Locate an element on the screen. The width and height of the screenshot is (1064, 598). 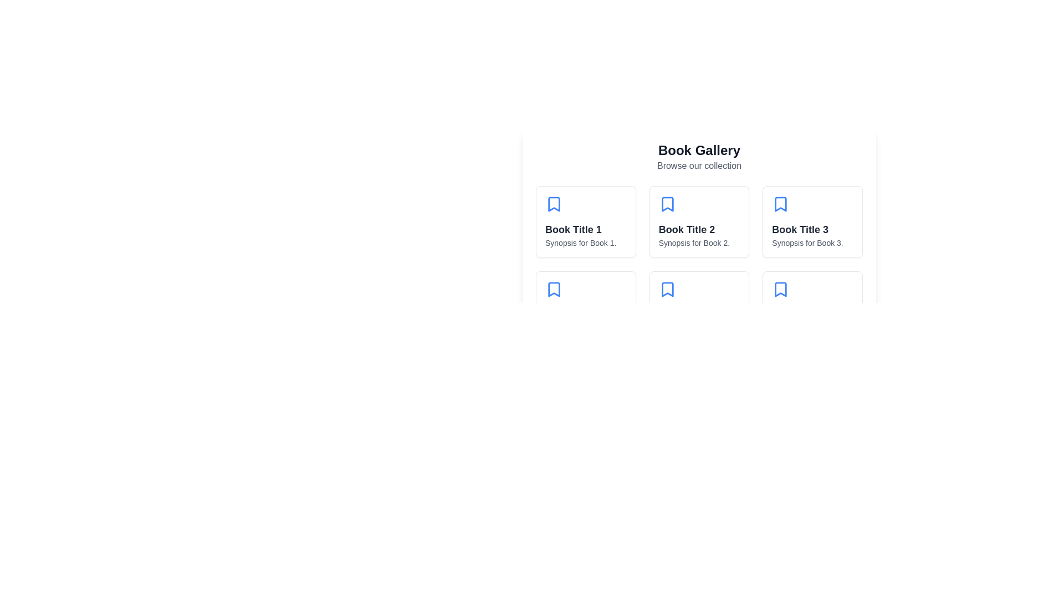
the icon located in the upper-left corner of the box containing the text 'Book Title 4' and 'Synopsis for Book 4' is located at coordinates (554, 289).